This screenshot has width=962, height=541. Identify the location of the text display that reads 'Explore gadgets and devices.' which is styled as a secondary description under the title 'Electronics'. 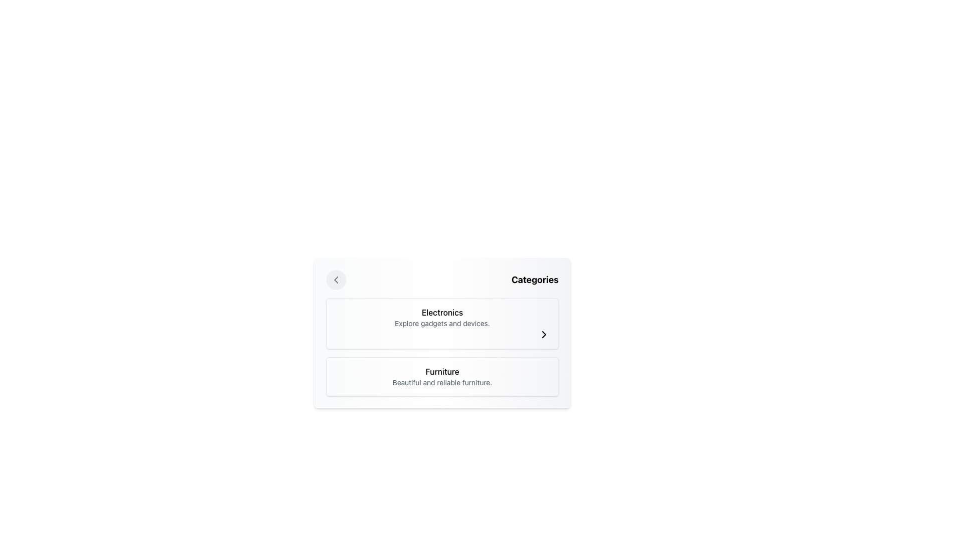
(442, 323).